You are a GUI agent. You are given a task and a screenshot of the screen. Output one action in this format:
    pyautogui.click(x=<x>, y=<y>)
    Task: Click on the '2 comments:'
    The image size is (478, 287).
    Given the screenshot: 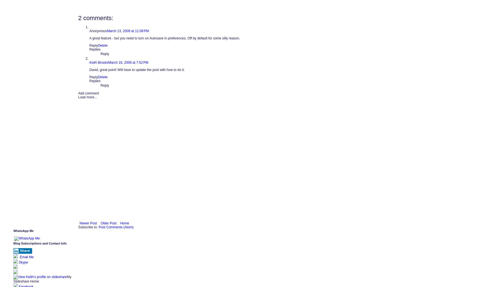 What is the action you would take?
    pyautogui.click(x=95, y=18)
    